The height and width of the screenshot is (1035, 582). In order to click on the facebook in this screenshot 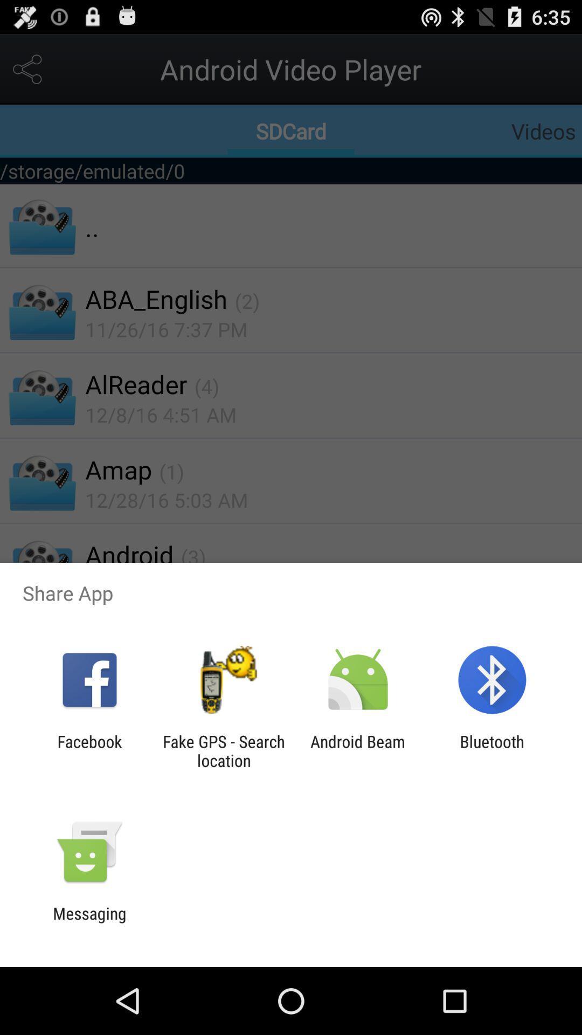, I will do `click(89, 750)`.